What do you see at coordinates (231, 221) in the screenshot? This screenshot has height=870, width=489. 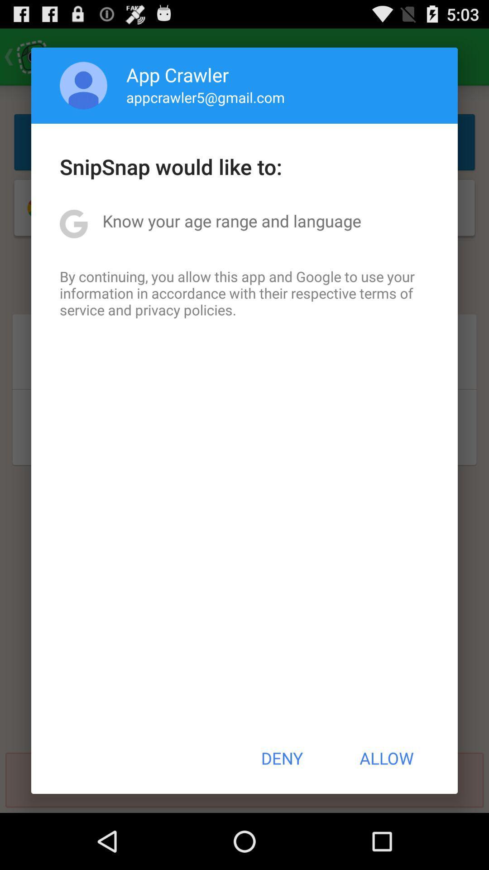 I see `icon above by continuing you item` at bounding box center [231, 221].